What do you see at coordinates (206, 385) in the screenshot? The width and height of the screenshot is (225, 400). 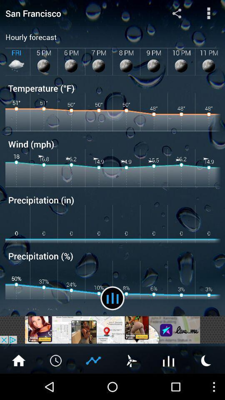 I see `the weather icon` at bounding box center [206, 385].